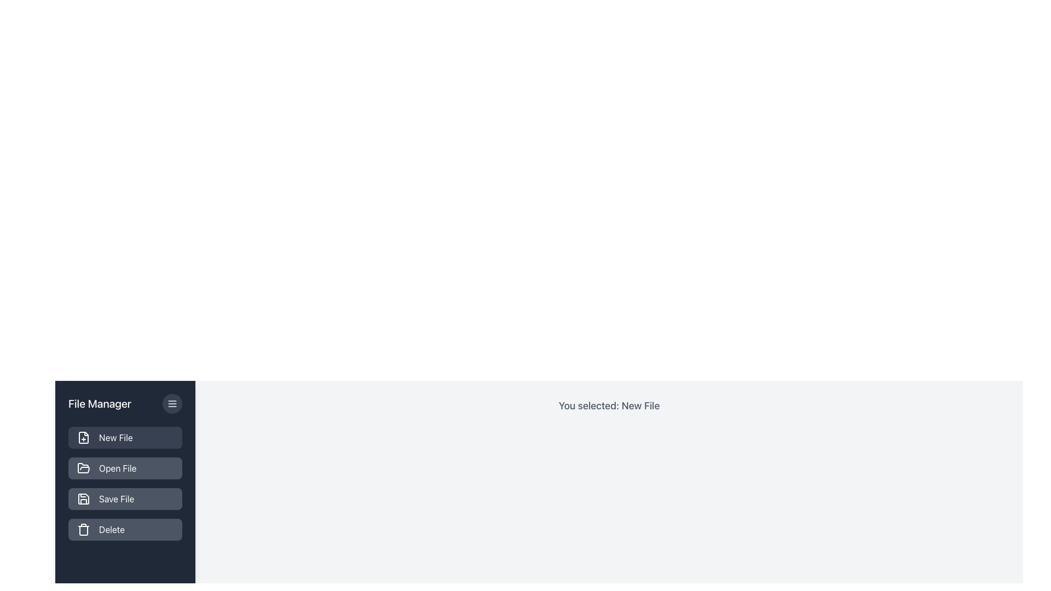 The height and width of the screenshot is (591, 1051). Describe the element at coordinates (172, 403) in the screenshot. I see `the circular button with a dark gray background and a hamburger icon located at the top-right corner of the 'File Manager' section` at that location.